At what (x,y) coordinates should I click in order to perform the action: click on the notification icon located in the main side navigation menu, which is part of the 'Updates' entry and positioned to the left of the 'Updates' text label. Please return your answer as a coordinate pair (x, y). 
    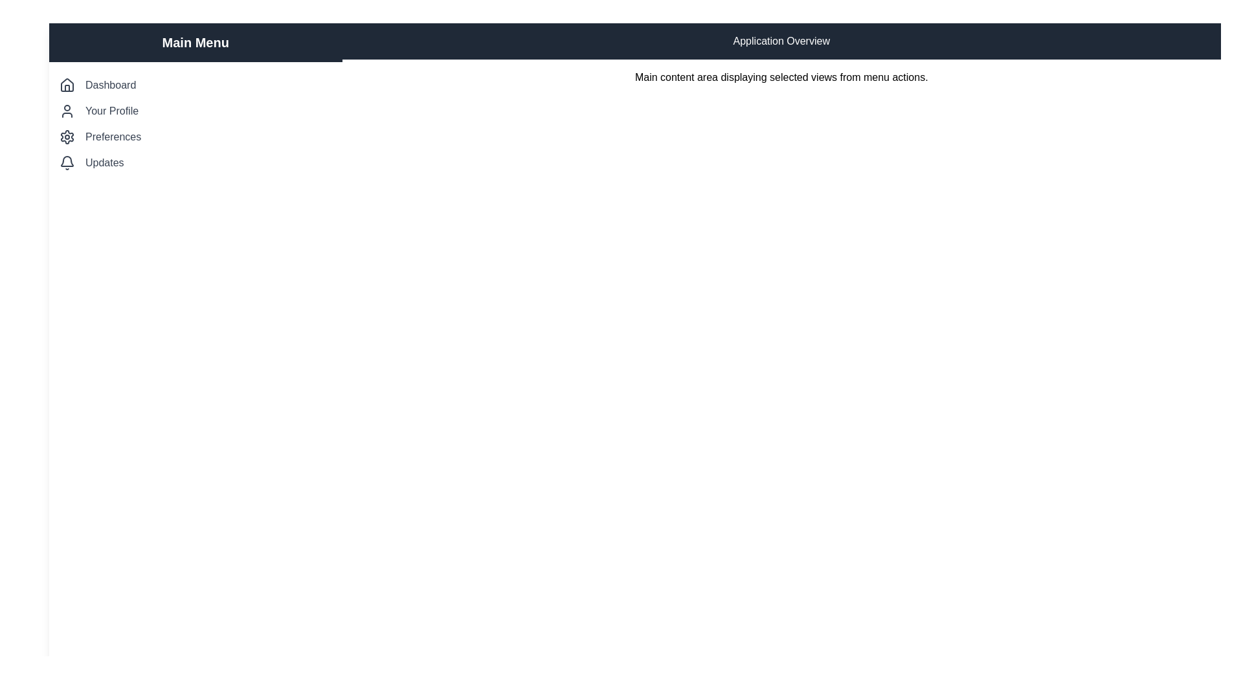
    Looking at the image, I should click on (67, 162).